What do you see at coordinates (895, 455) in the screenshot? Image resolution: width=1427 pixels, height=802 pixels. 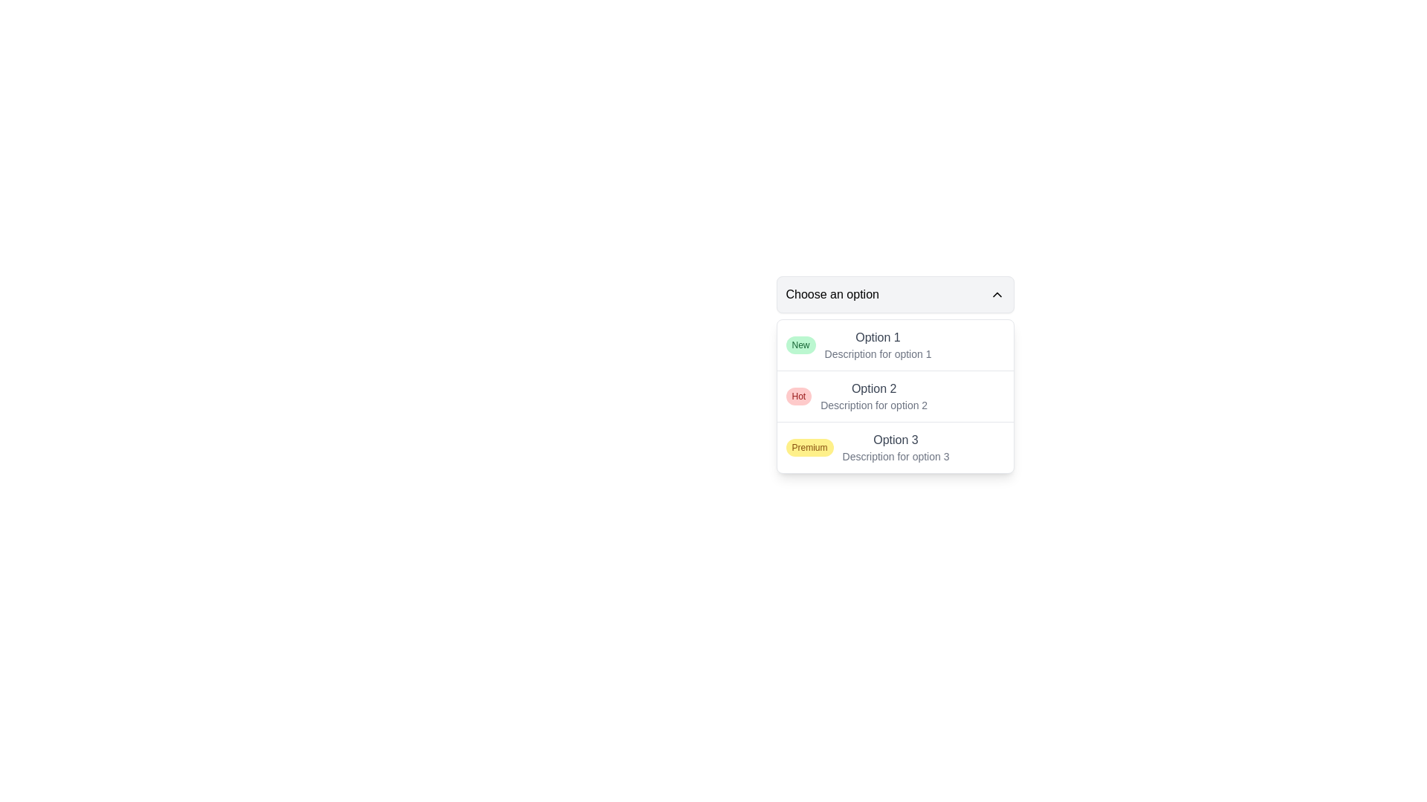 I see `supplemental descriptive text label located below 'Option 3' in the dropdown menu interface` at bounding box center [895, 455].